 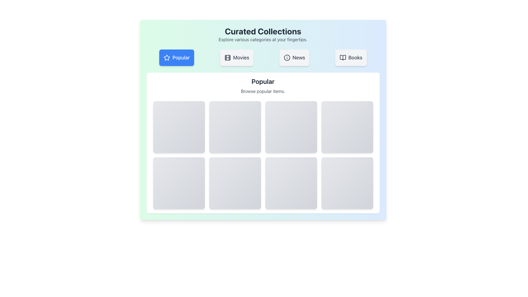 What do you see at coordinates (167, 57) in the screenshot?
I see `the star icon located to the left of the text within the blue 'Popular' button, which signifies the importance of this category` at bounding box center [167, 57].